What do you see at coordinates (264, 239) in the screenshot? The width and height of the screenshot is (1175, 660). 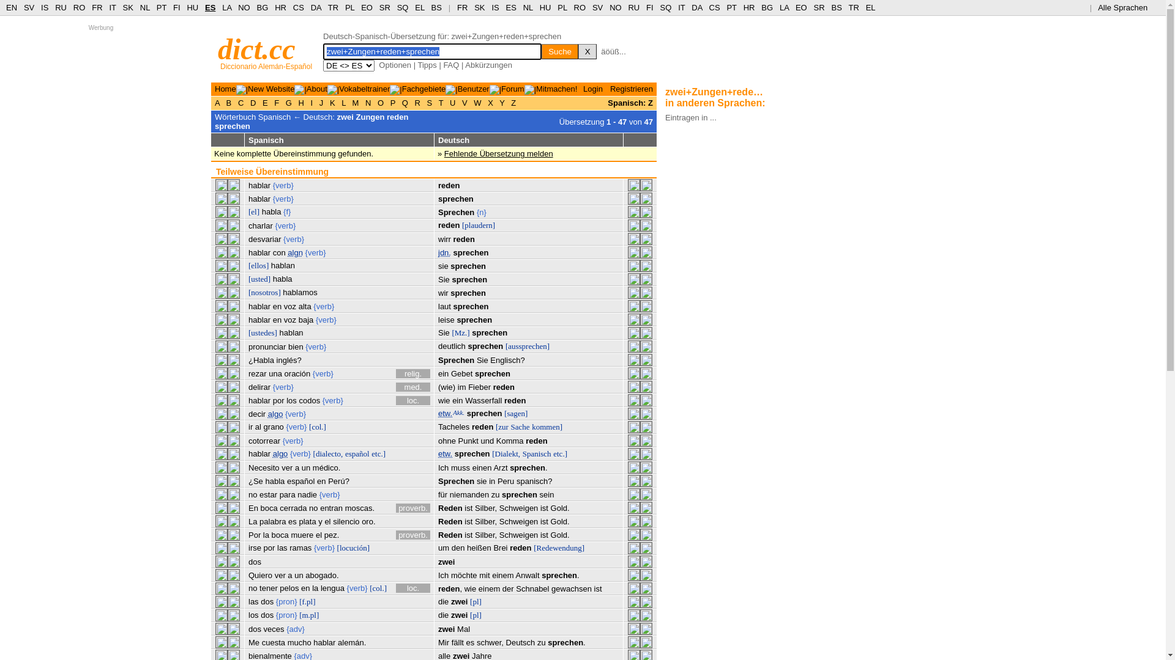 I see `'desvariar'` at bounding box center [264, 239].